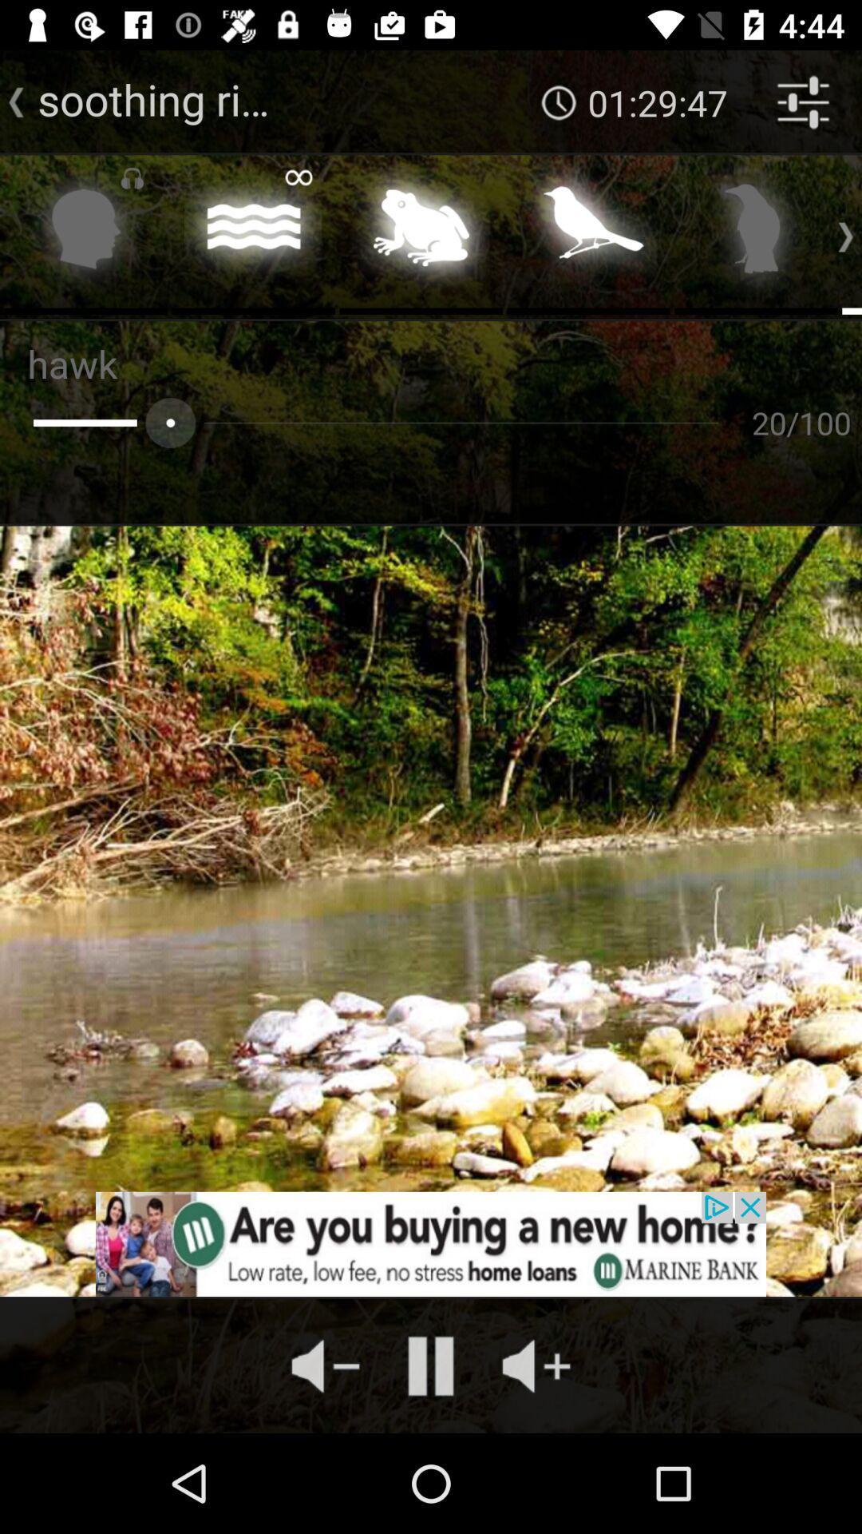  Describe the element at coordinates (252, 232) in the screenshot. I see `water sounds` at that location.